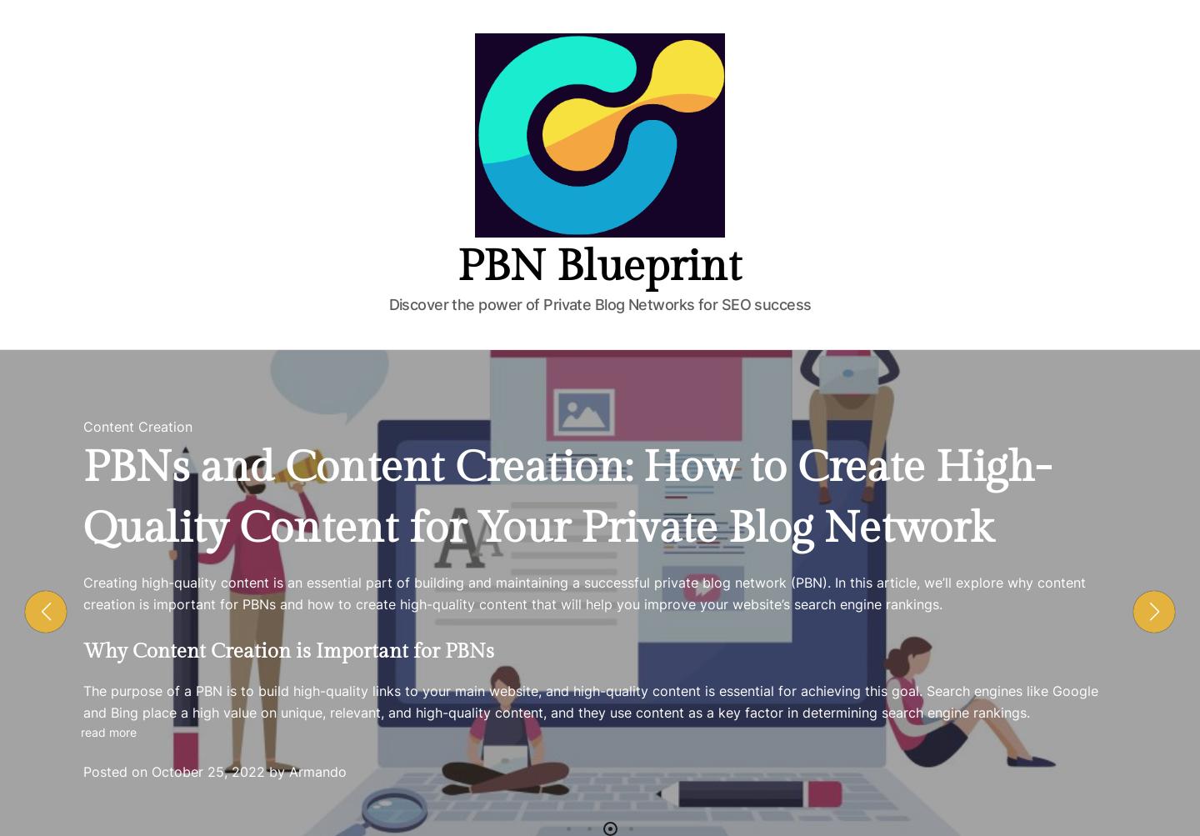 This screenshot has height=836, width=1200. What do you see at coordinates (214, 578) in the screenshot?
I see `'What are PBN Footprints?'` at bounding box center [214, 578].